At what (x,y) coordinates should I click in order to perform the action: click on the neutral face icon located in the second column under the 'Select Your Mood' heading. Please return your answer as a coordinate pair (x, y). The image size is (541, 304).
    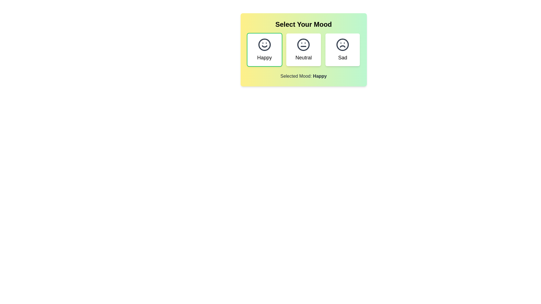
    Looking at the image, I should click on (303, 44).